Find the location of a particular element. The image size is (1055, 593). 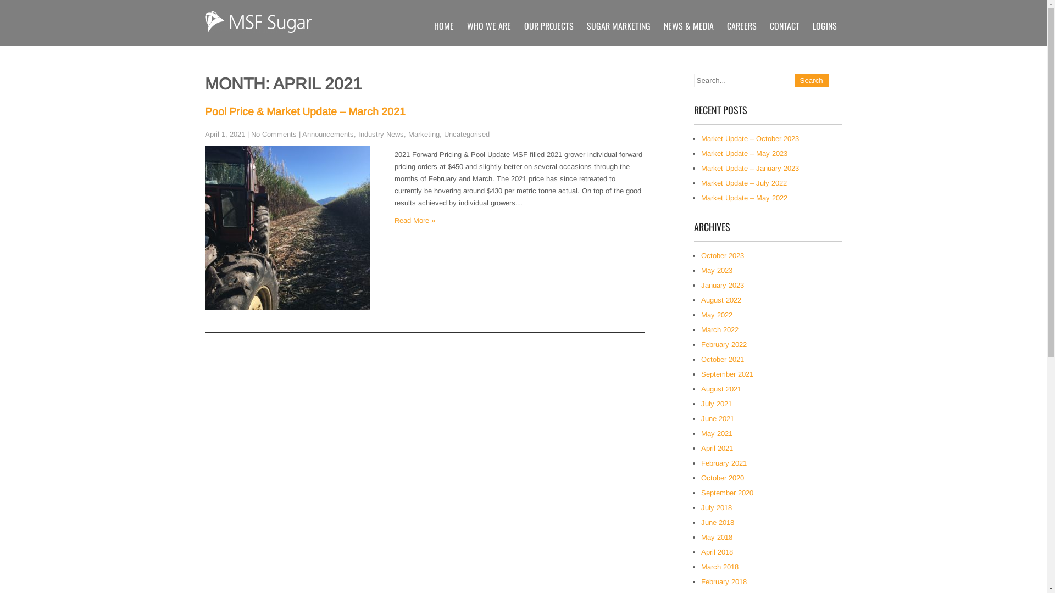

'LOGINS' is located at coordinates (824, 25).